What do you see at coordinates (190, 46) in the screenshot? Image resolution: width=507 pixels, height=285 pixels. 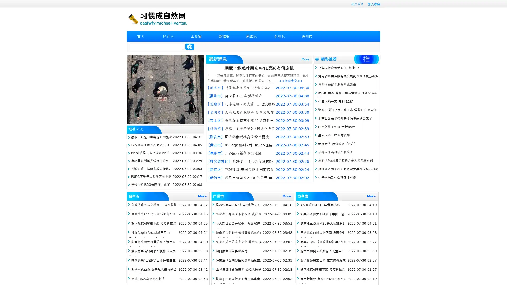 I see `Search` at bounding box center [190, 46].